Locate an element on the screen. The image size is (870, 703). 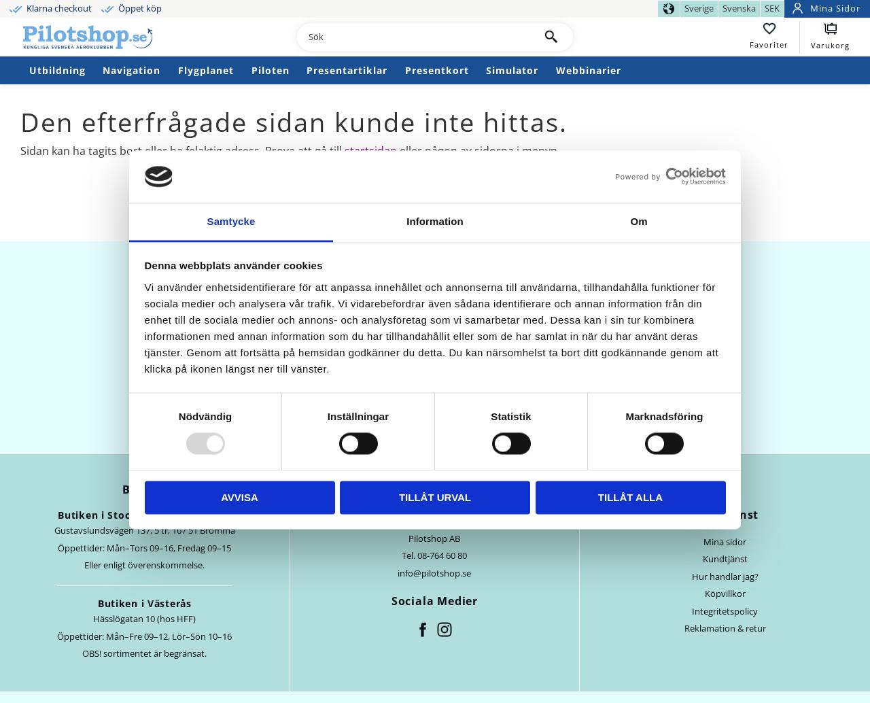
'Denna webbplats använder cookies' is located at coordinates (233, 264).